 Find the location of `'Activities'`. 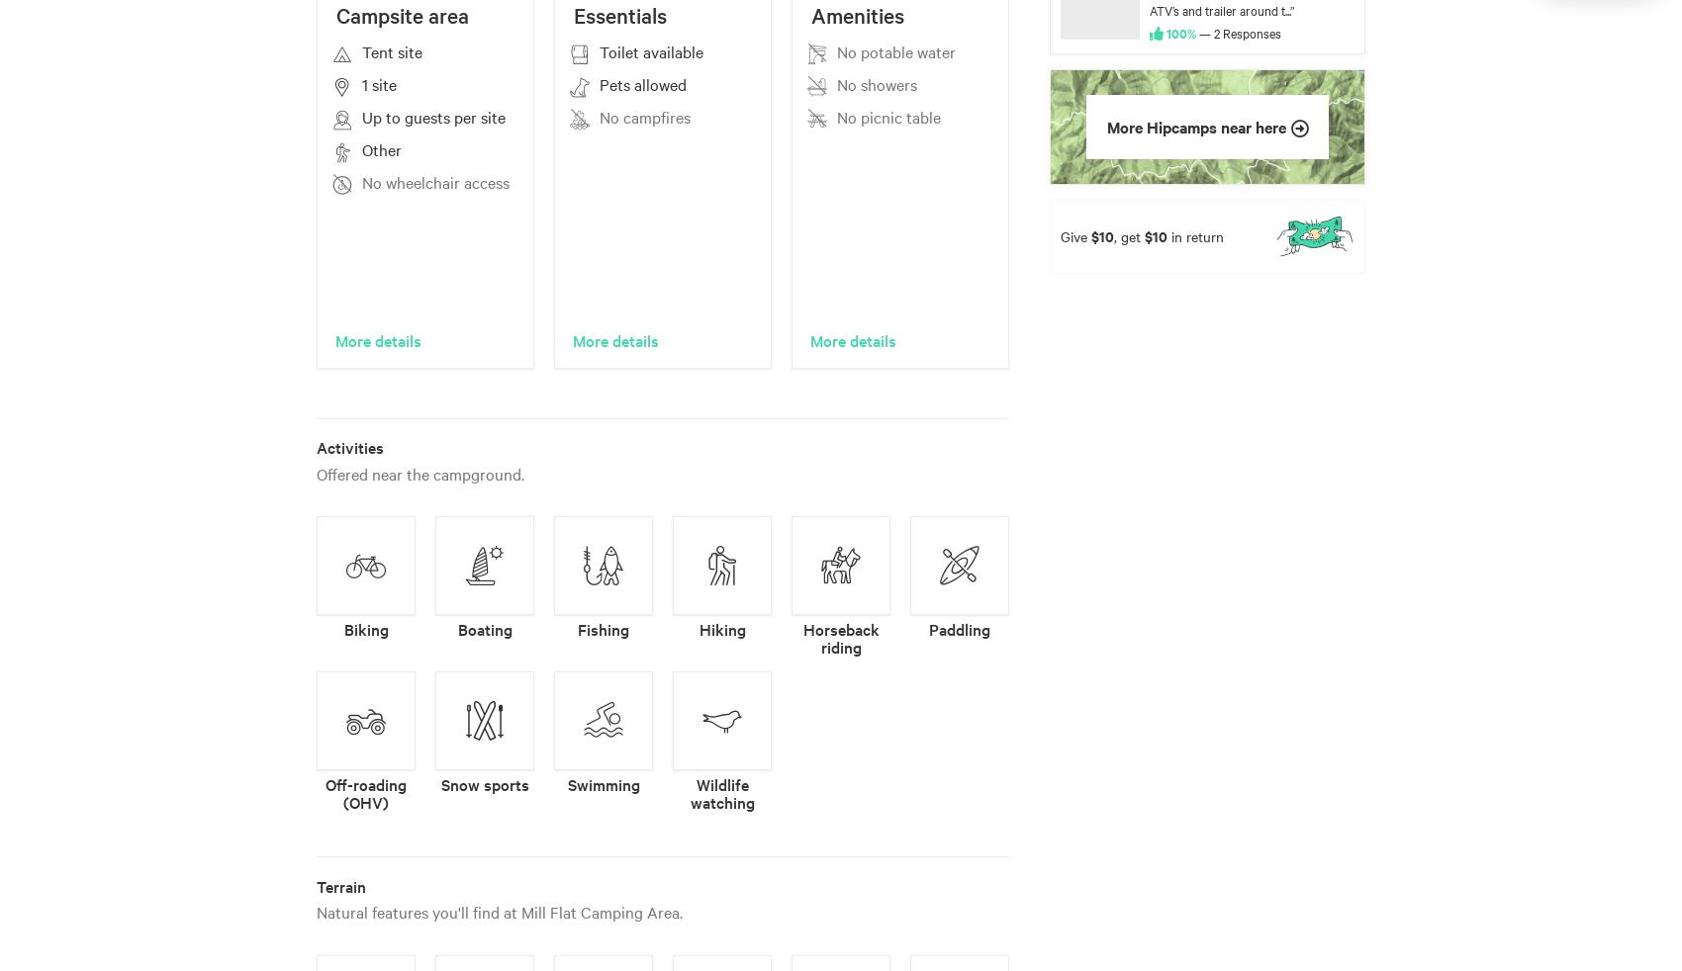

'Activities' is located at coordinates (348, 447).